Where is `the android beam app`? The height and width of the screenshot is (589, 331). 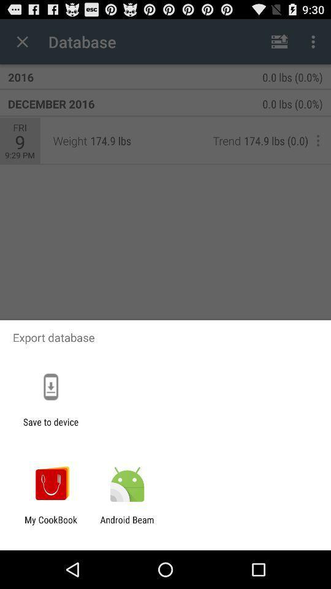 the android beam app is located at coordinates (126, 525).